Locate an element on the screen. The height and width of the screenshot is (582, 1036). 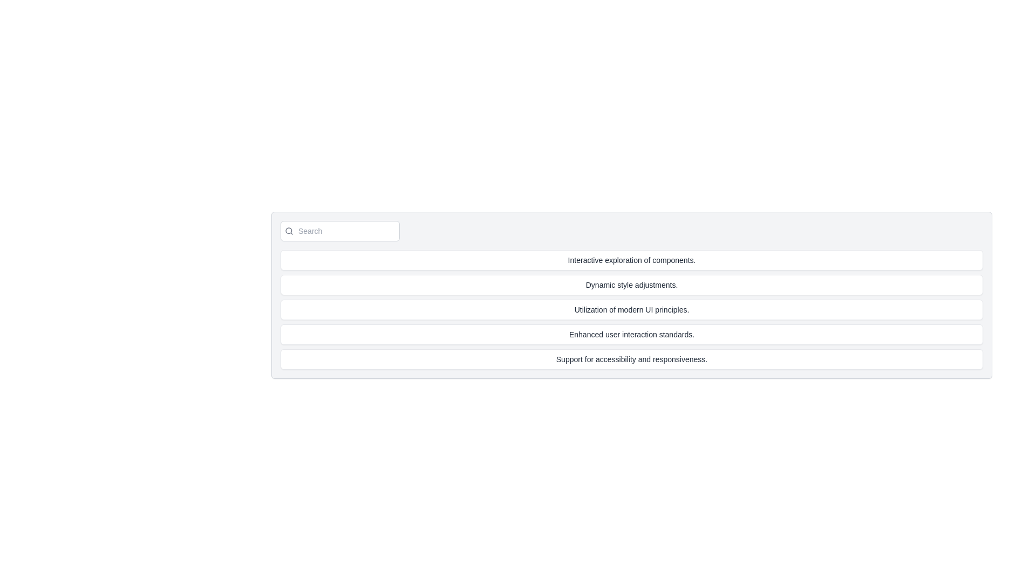
the last character of the word 'and' in the sentence 'Support for accessibility and responsiveness.' which is displayed as the fifth item in a vertical list of descriptions or features is located at coordinates (648, 359).